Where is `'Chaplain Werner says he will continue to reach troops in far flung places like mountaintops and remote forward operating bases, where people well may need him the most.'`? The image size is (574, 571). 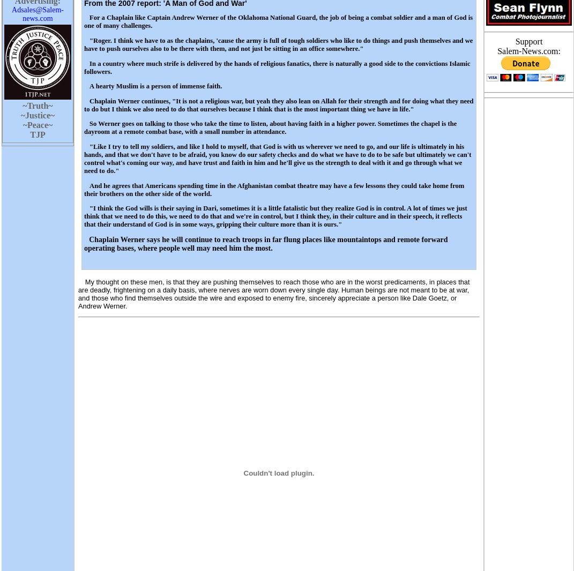 'Chaplain Werner says he will continue to reach troops in far flung places like mountaintops and remote forward operating bases, where people well may need him the most.' is located at coordinates (84, 243).